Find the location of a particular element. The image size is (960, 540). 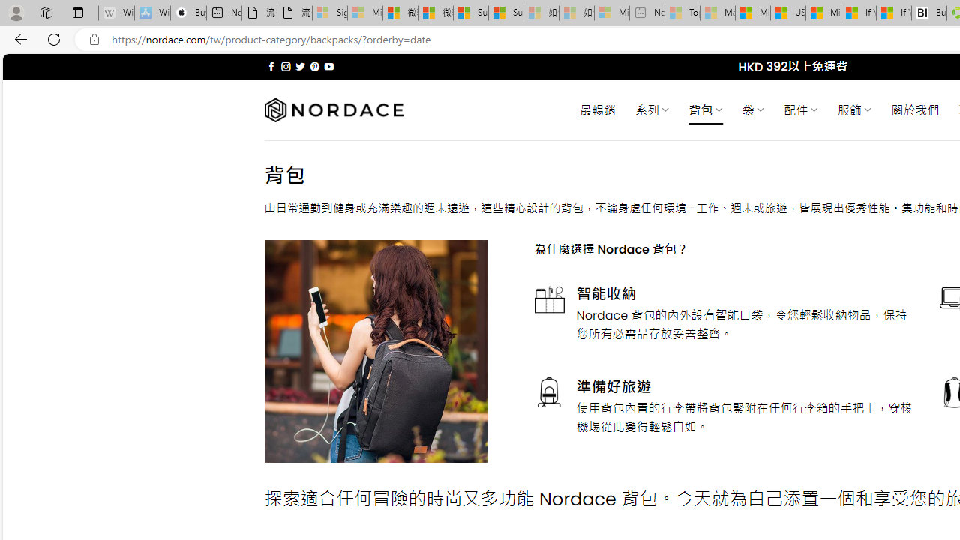

'Personal Profile' is located at coordinates (16, 12).